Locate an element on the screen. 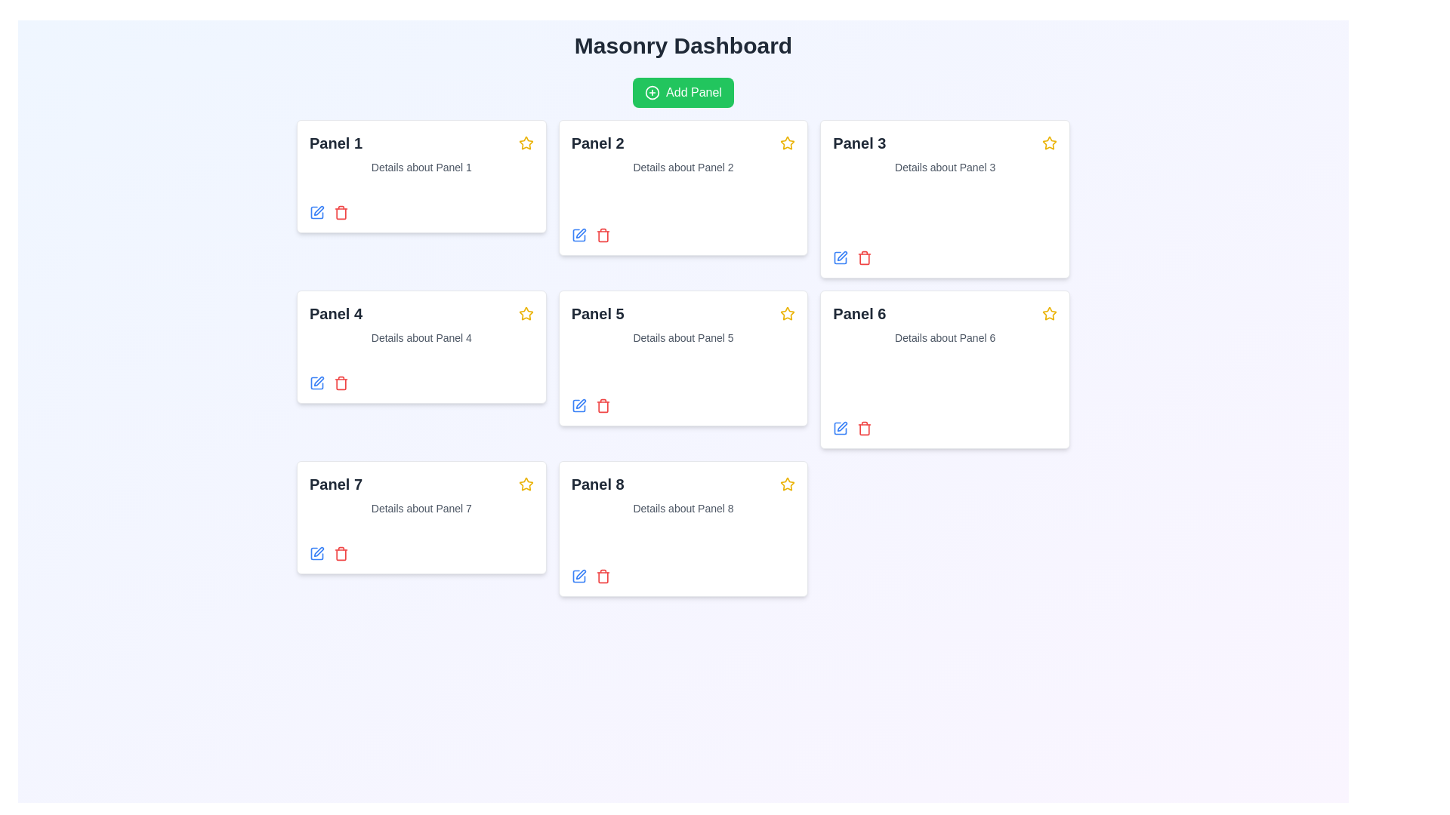  the lower segment of the trash can icon within the SVG element located in 'Panel 7' is located at coordinates (340, 555).